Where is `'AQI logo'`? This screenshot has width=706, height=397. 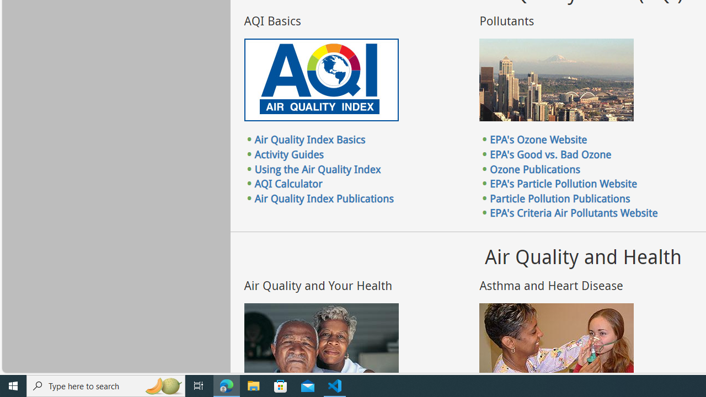 'AQI logo' is located at coordinates (320, 79).